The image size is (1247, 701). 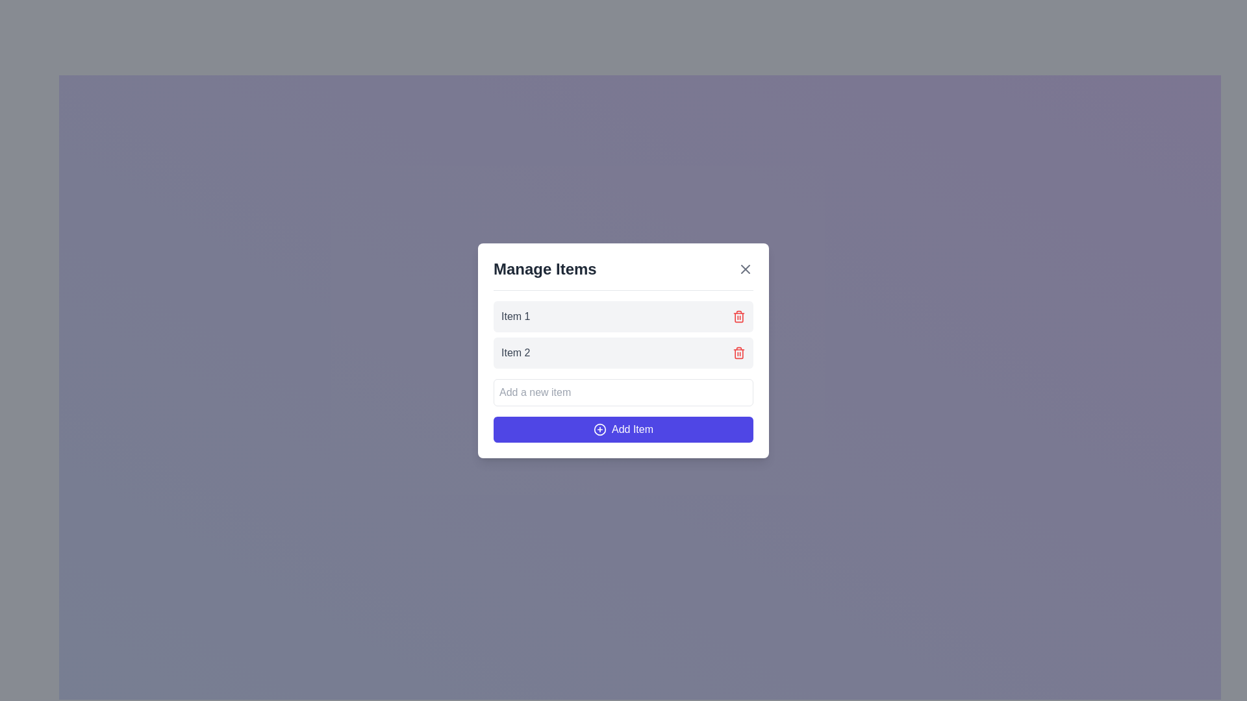 I want to click on the gray 'X' close button located in the top-right corner of the 'Manage Items' dialog box, so click(x=745, y=268).